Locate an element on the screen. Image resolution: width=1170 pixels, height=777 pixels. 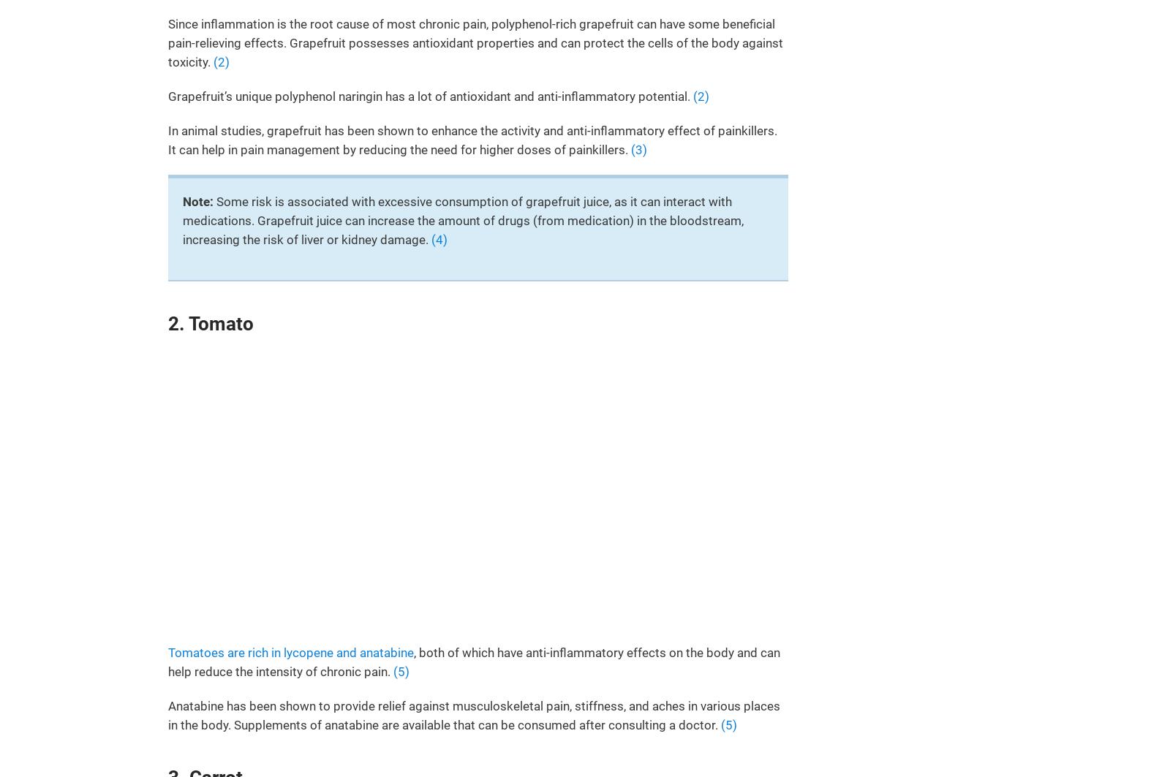
'Note:' is located at coordinates (182, 202).